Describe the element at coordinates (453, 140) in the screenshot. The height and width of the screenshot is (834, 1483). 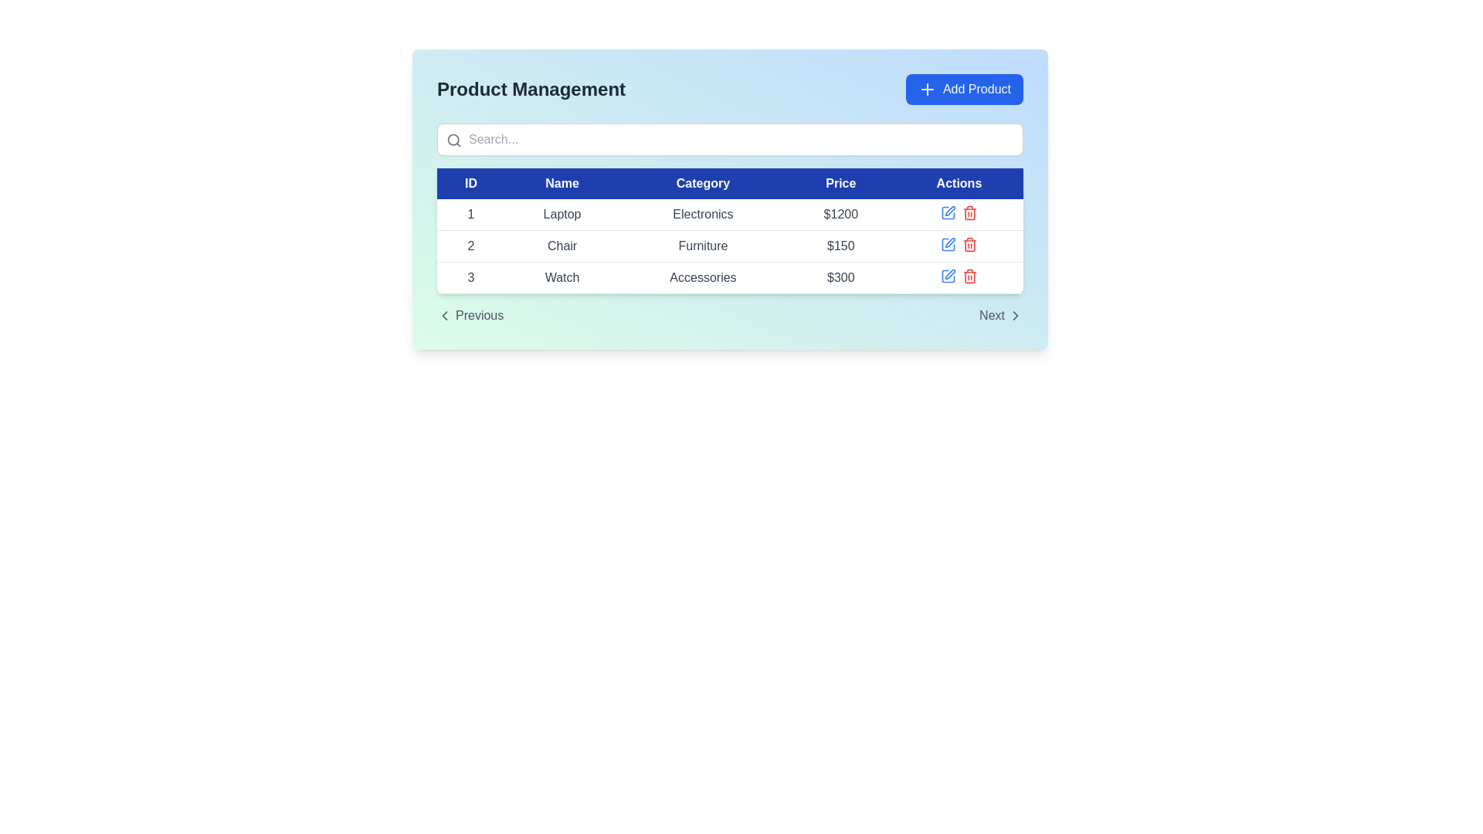
I see `the magnifying glass icon, which represents a search action, located in the search input box under the 'Product Management' heading` at that location.